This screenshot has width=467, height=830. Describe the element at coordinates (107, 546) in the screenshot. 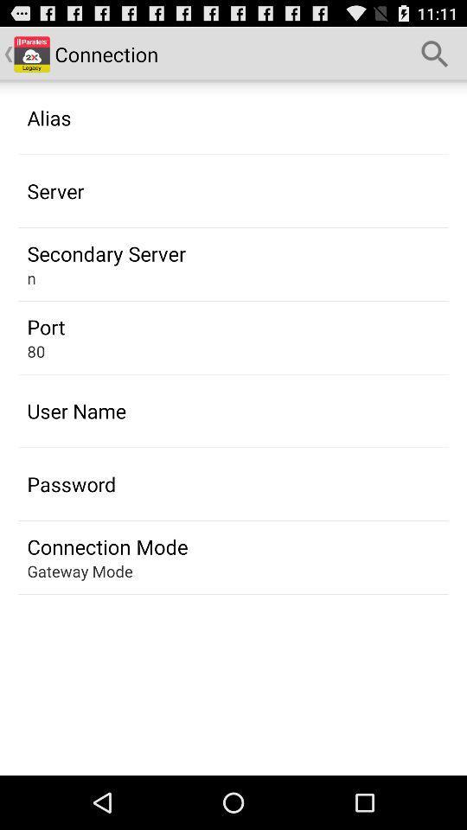

I see `the connection mode` at that location.